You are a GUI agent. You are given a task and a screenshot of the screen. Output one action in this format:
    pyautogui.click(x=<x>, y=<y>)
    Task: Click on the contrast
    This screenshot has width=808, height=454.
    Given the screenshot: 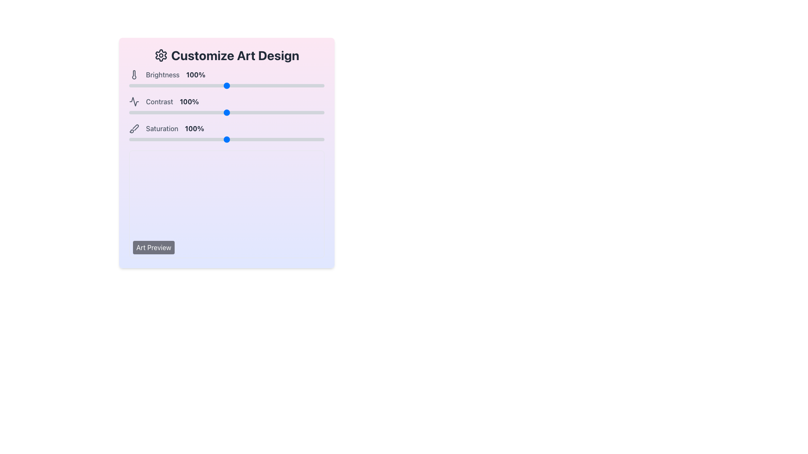 What is the action you would take?
    pyautogui.click(x=137, y=112)
    